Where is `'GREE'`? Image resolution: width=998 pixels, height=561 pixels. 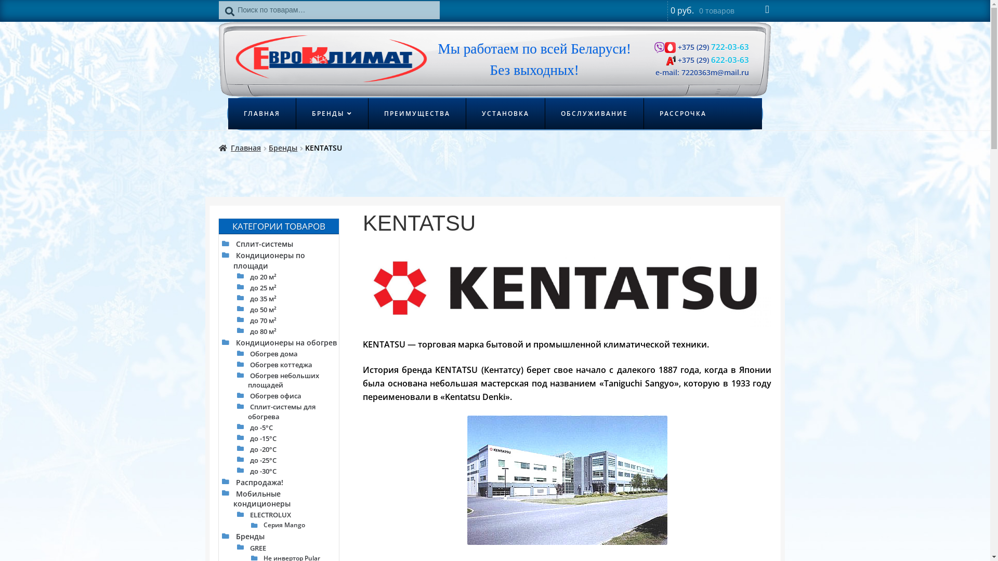 'GREE' is located at coordinates (258, 547).